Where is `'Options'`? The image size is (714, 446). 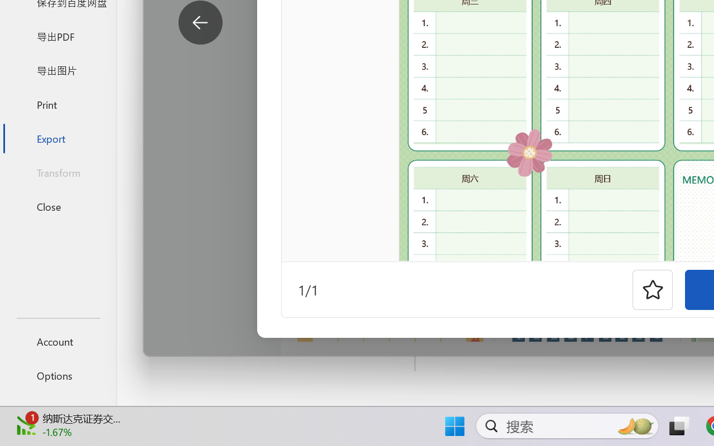
'Options' is located at coordinates (57, 375).